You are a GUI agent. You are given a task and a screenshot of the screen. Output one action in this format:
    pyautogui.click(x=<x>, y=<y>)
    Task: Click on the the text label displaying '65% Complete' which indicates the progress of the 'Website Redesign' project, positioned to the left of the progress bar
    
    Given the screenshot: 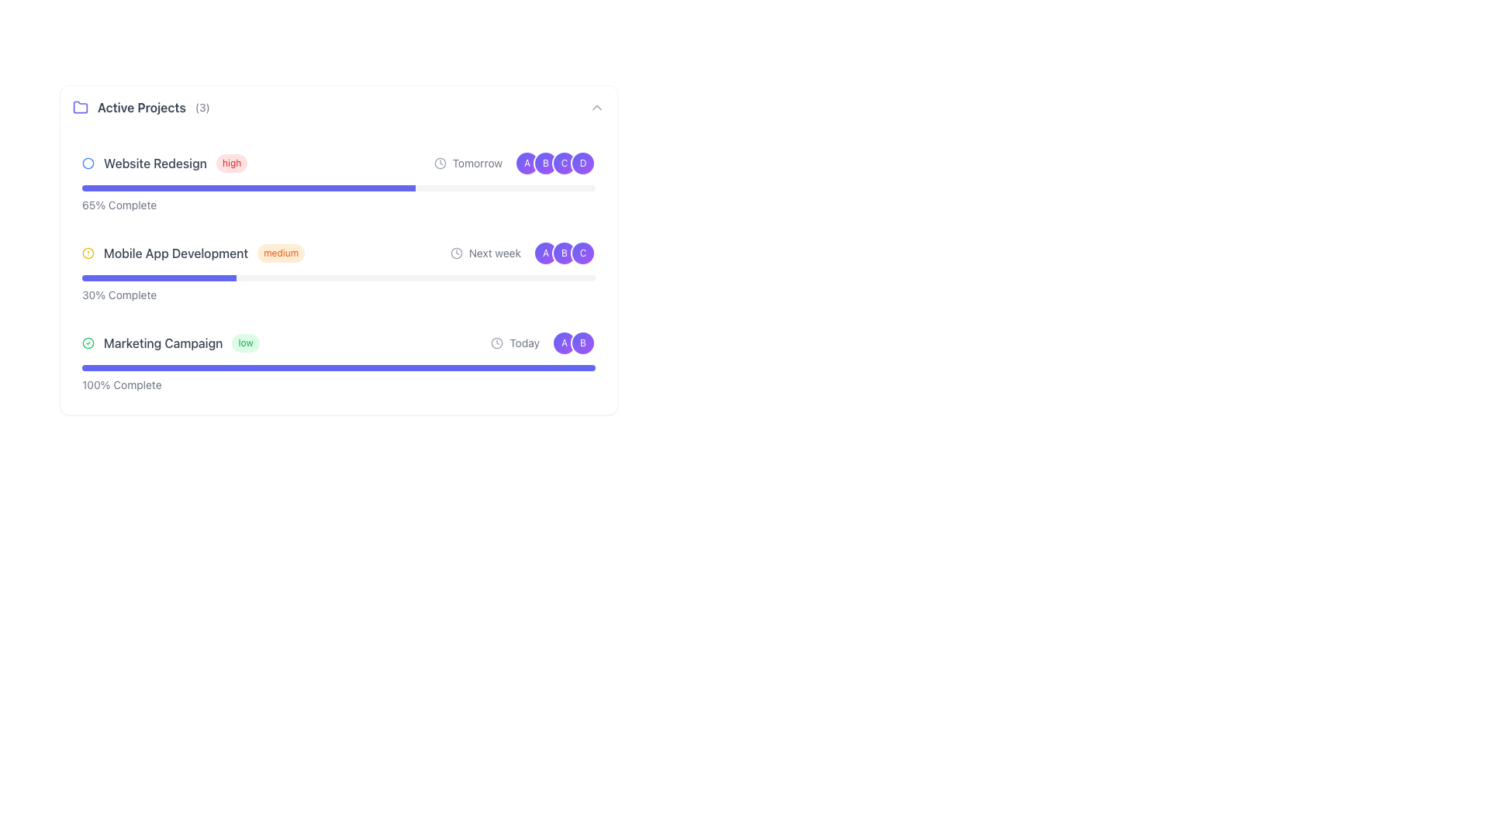 What is the action you would take?
    pyautogui.click(x=119, y=205)
    